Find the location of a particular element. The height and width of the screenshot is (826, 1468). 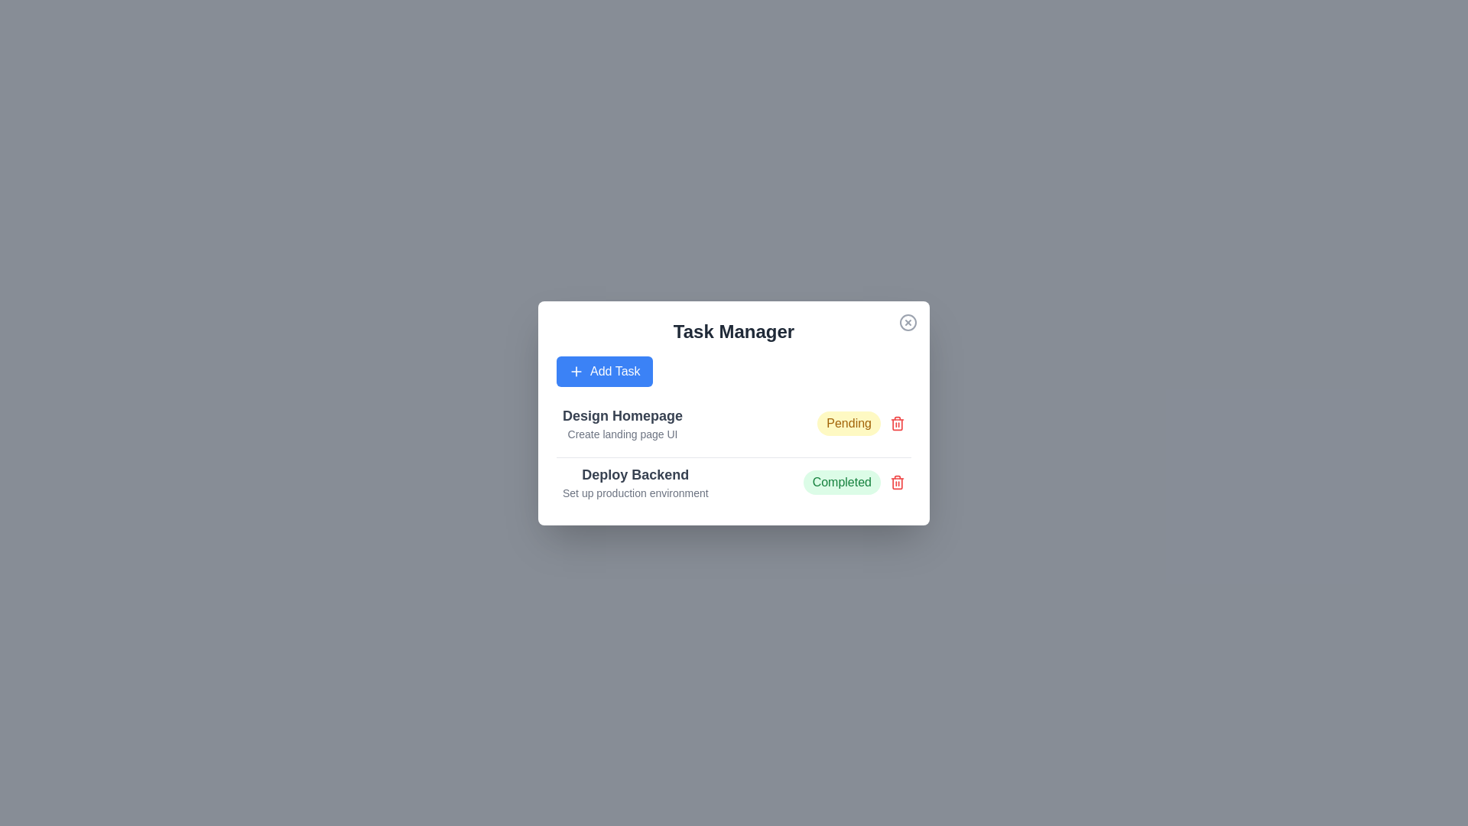

the 'Add Task' icon located within the blue button at the top-left corner of the task list interface to initiate the action of adding a new task is located at coordinates (575, 371).